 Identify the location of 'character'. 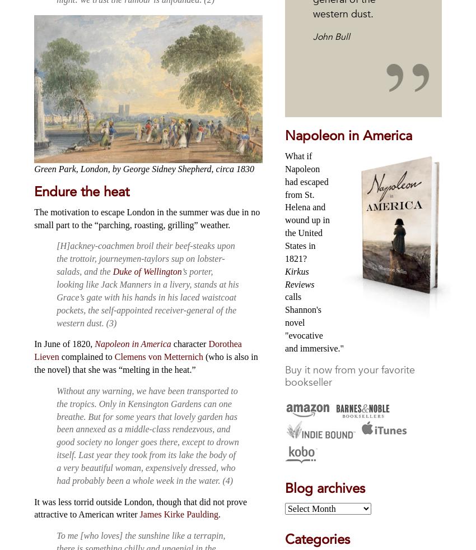
(170, 344).